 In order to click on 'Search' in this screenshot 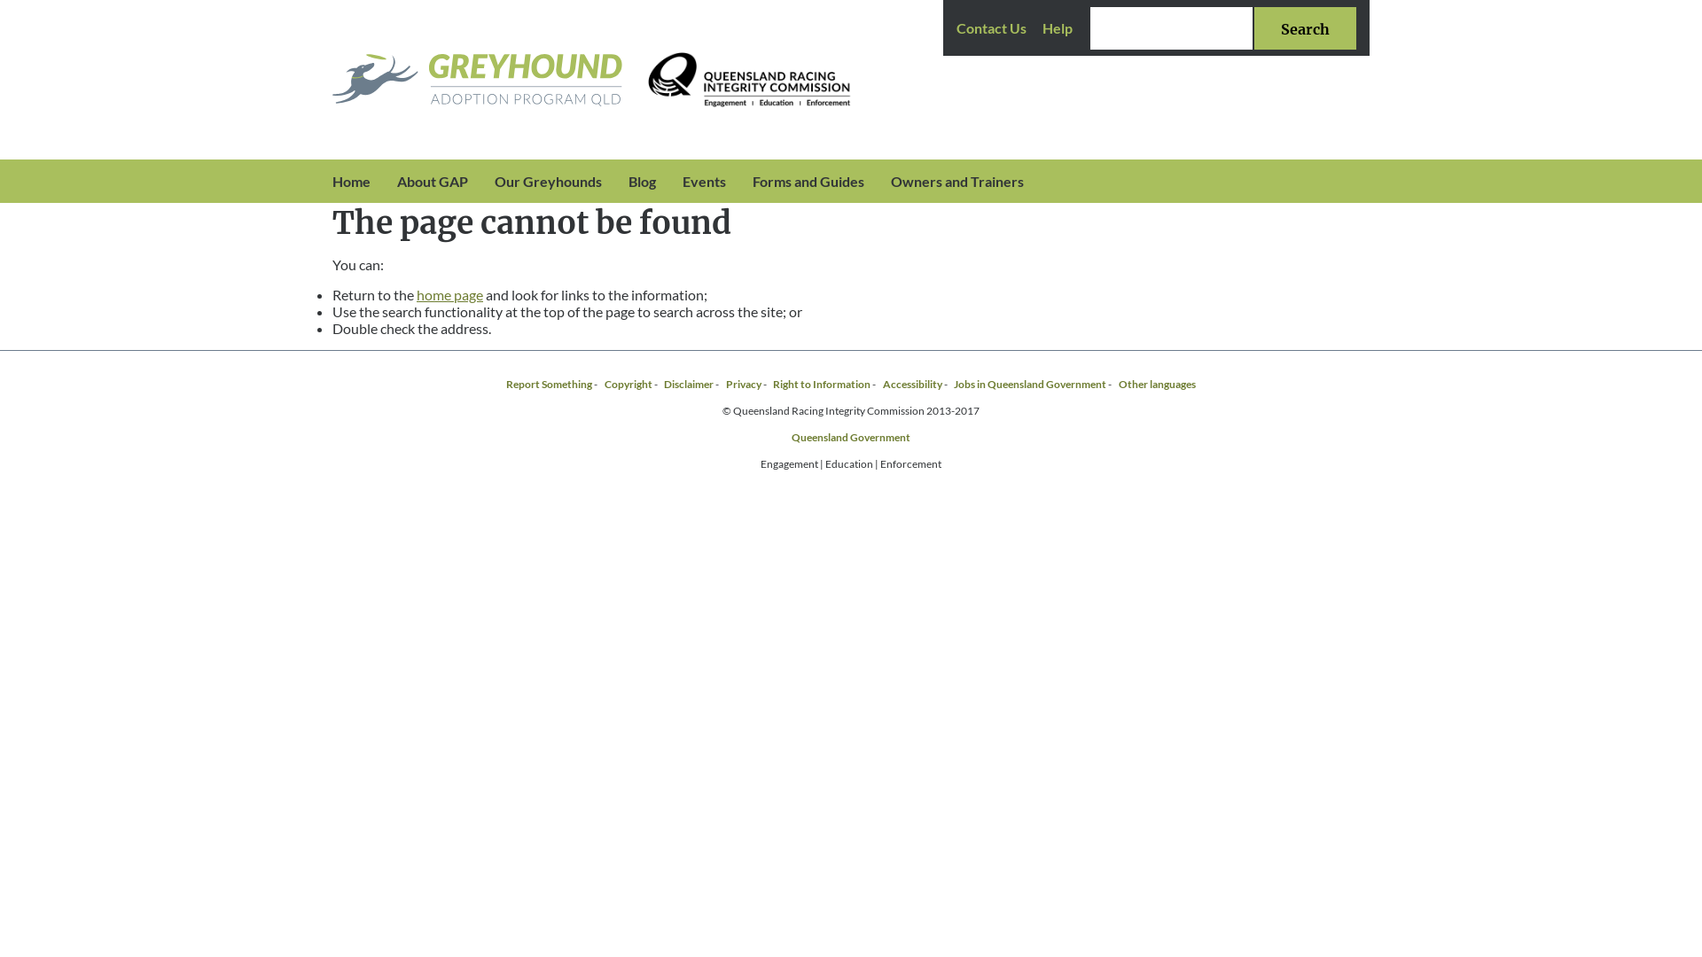, I will do `click(1305, 27)`.